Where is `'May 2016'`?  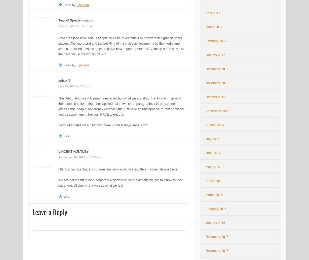 'May 2016' is located at coordinates (212, 167).